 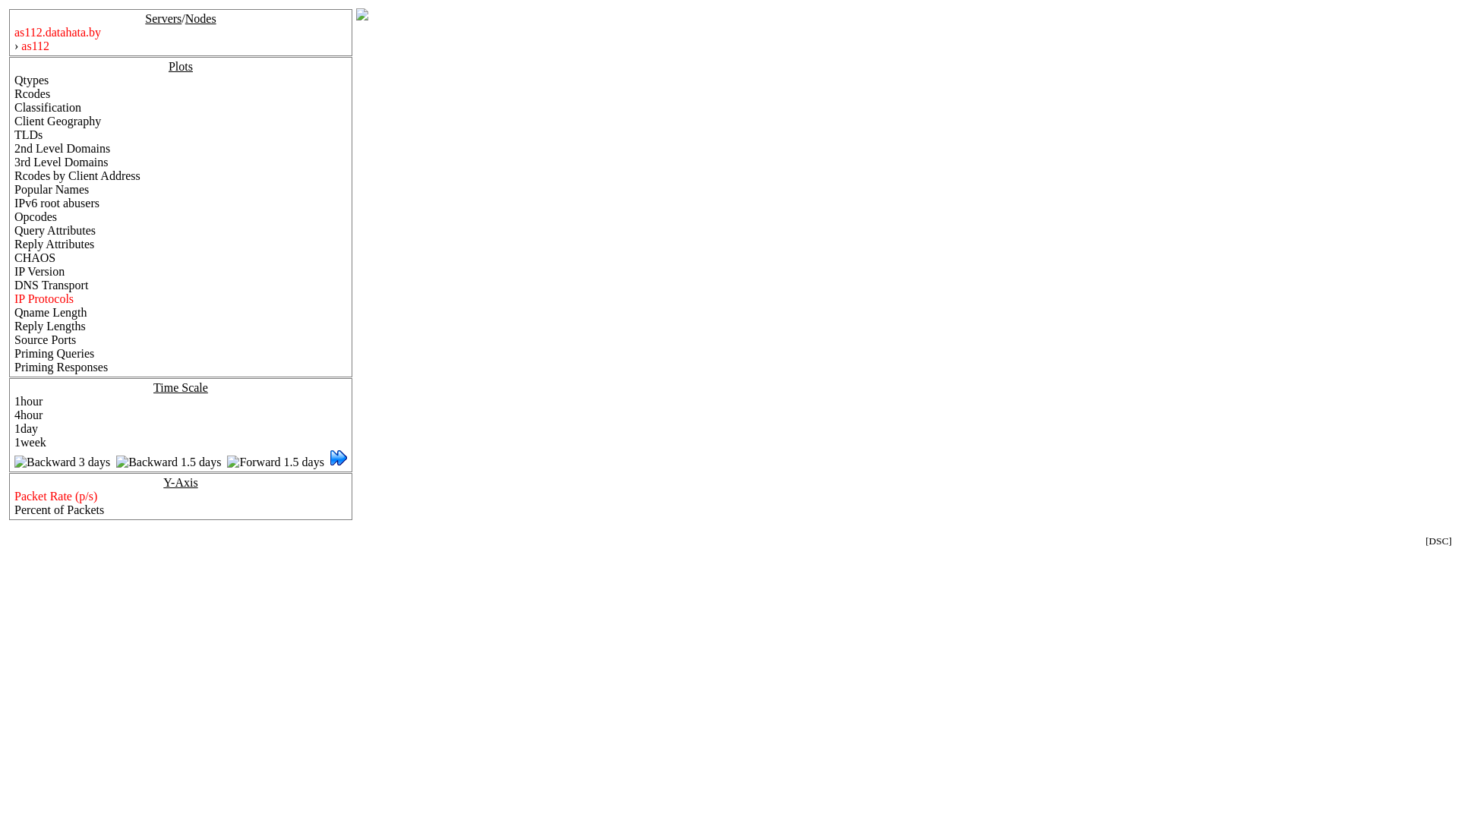 I want to click on 'Priming Queries', so click(x=54, y=353).